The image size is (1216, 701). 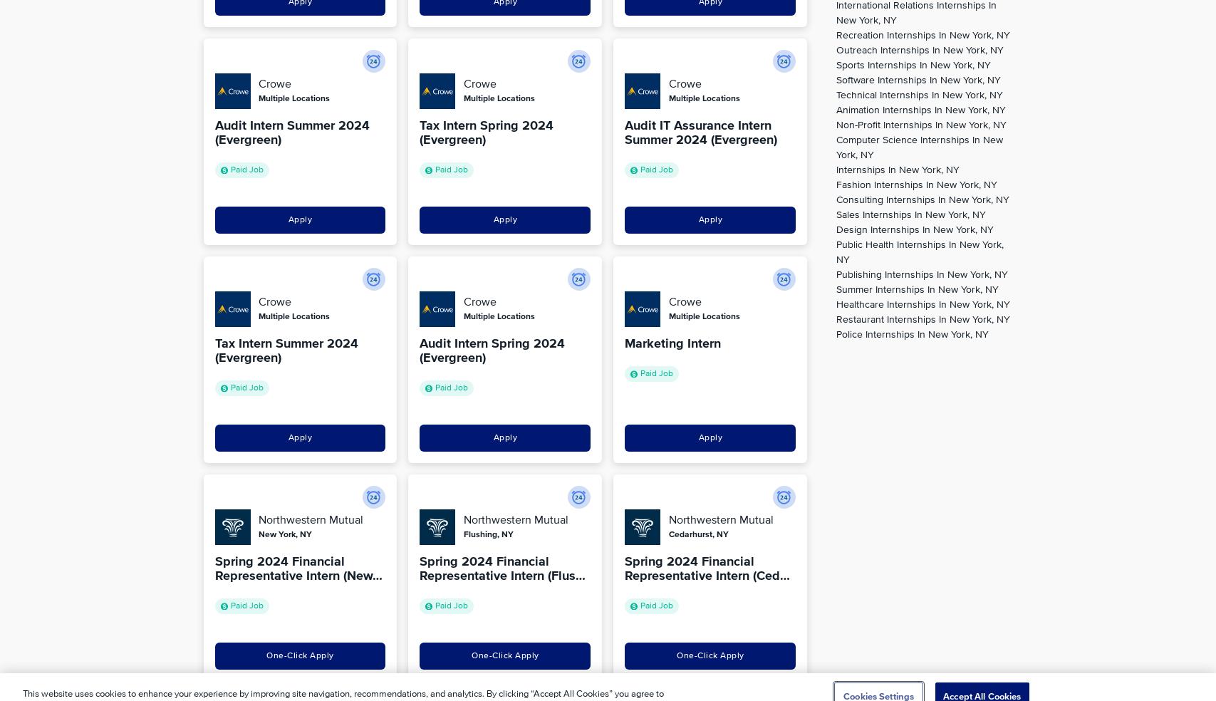 I want to click on 'Summer Internships in New York, NY', so click(x=916, y=289).